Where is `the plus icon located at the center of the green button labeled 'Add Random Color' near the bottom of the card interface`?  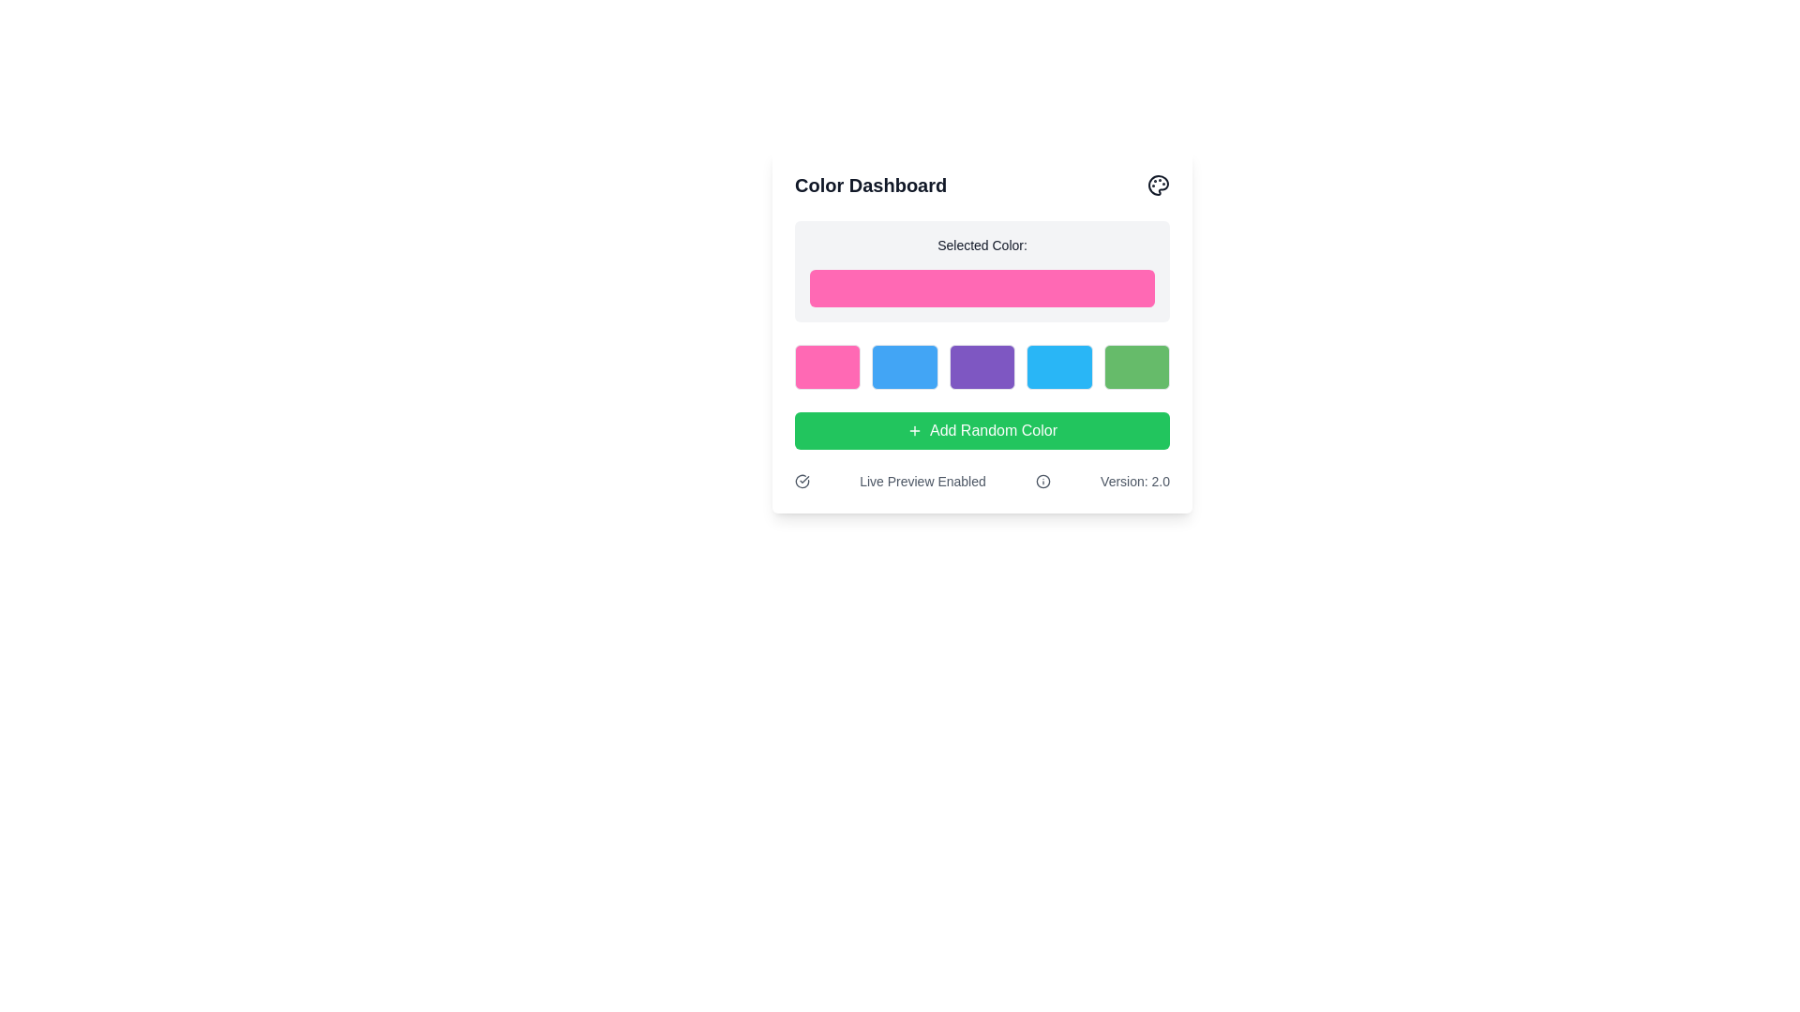
the plus icon located at the center of the green button labeled 'Add Random Color' near the bottom of the card interface is located at coordinates (914, 430).